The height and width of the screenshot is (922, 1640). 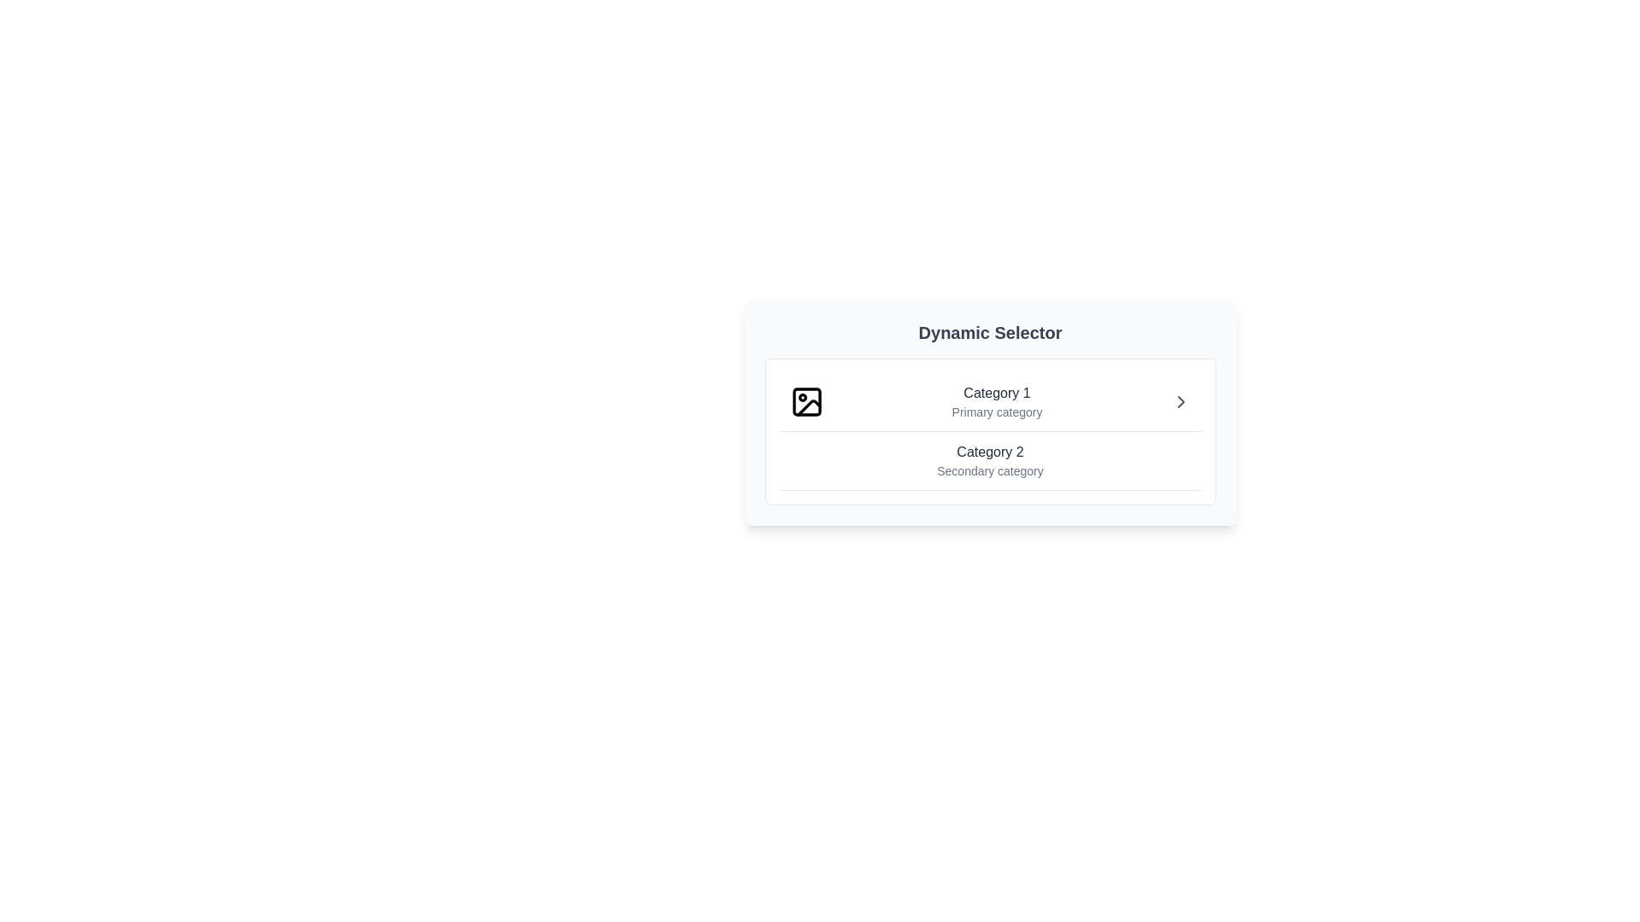 I want to click on the descriptive Text label located beneath the 'Category 1' text, which provides additional context for the associated category, so click(x=997, y=411).